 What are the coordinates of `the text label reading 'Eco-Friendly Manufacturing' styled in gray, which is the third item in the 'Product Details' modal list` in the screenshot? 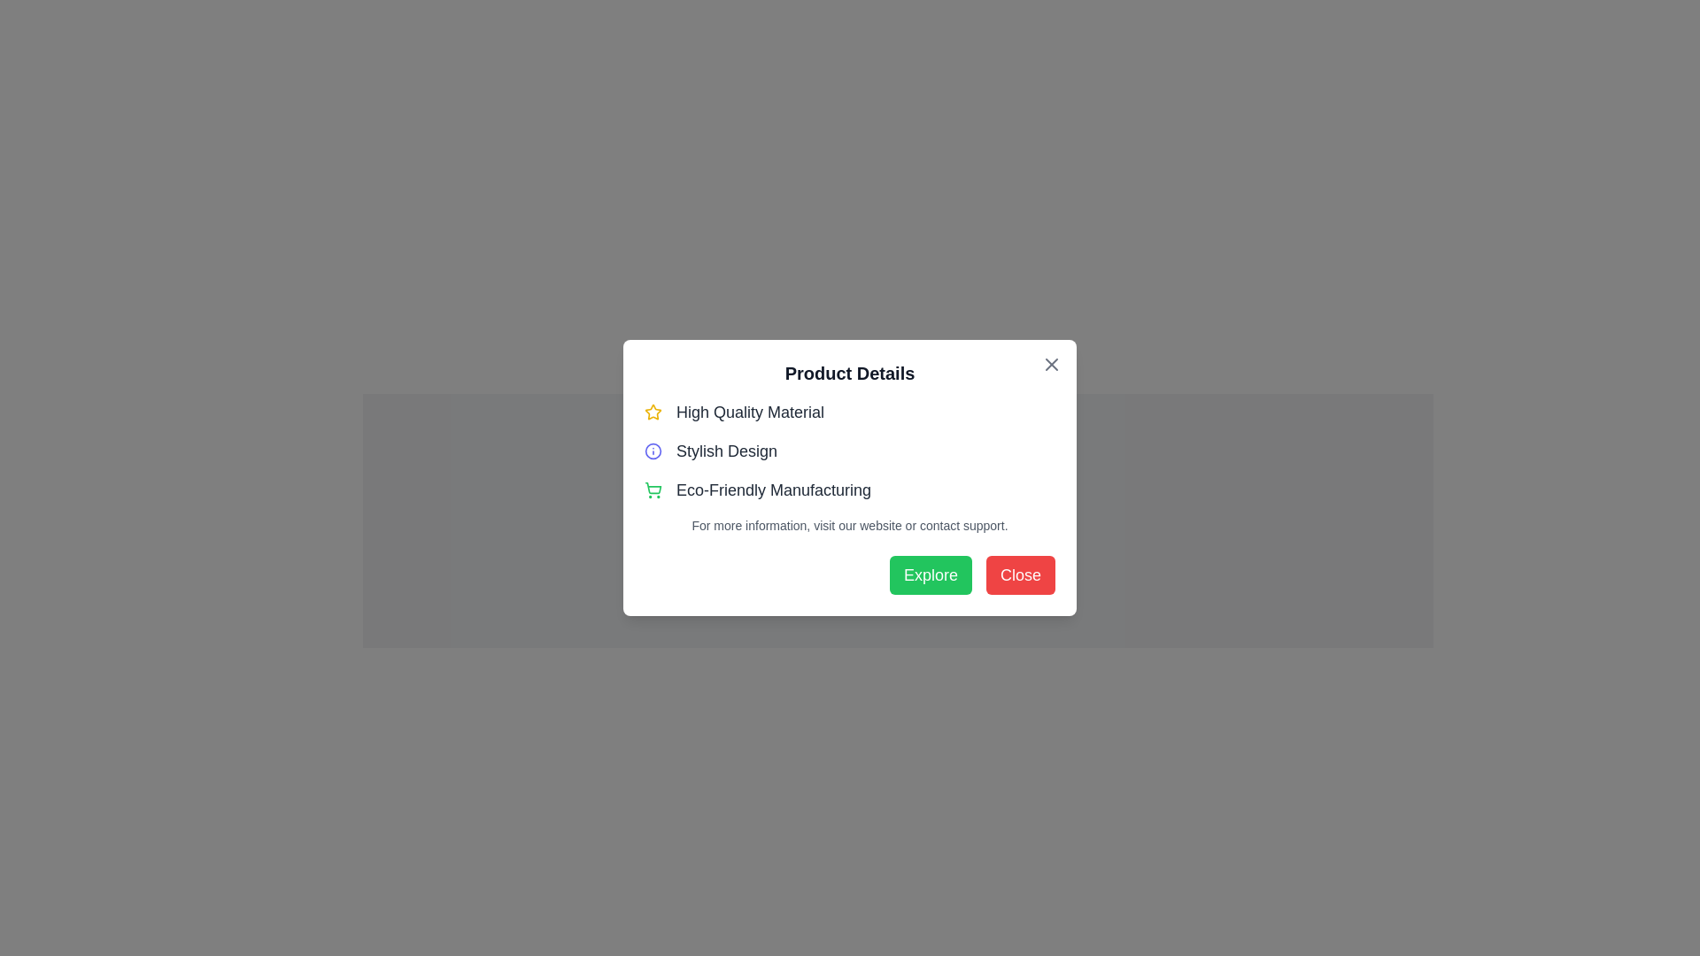 It's located at (773, 490).